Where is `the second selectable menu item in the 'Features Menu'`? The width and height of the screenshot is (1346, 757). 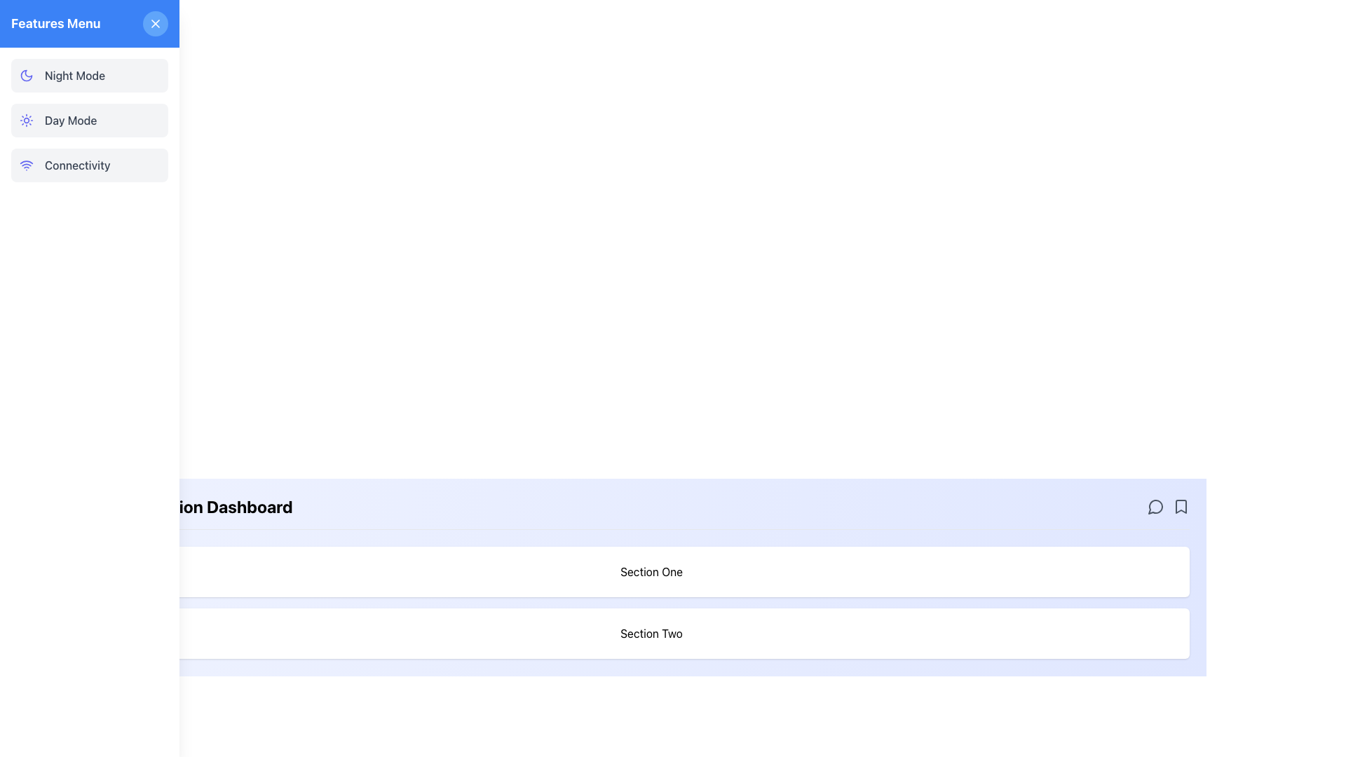 the second selectable menu item in the 'Features Menu' is located at coordinates (89, 120).